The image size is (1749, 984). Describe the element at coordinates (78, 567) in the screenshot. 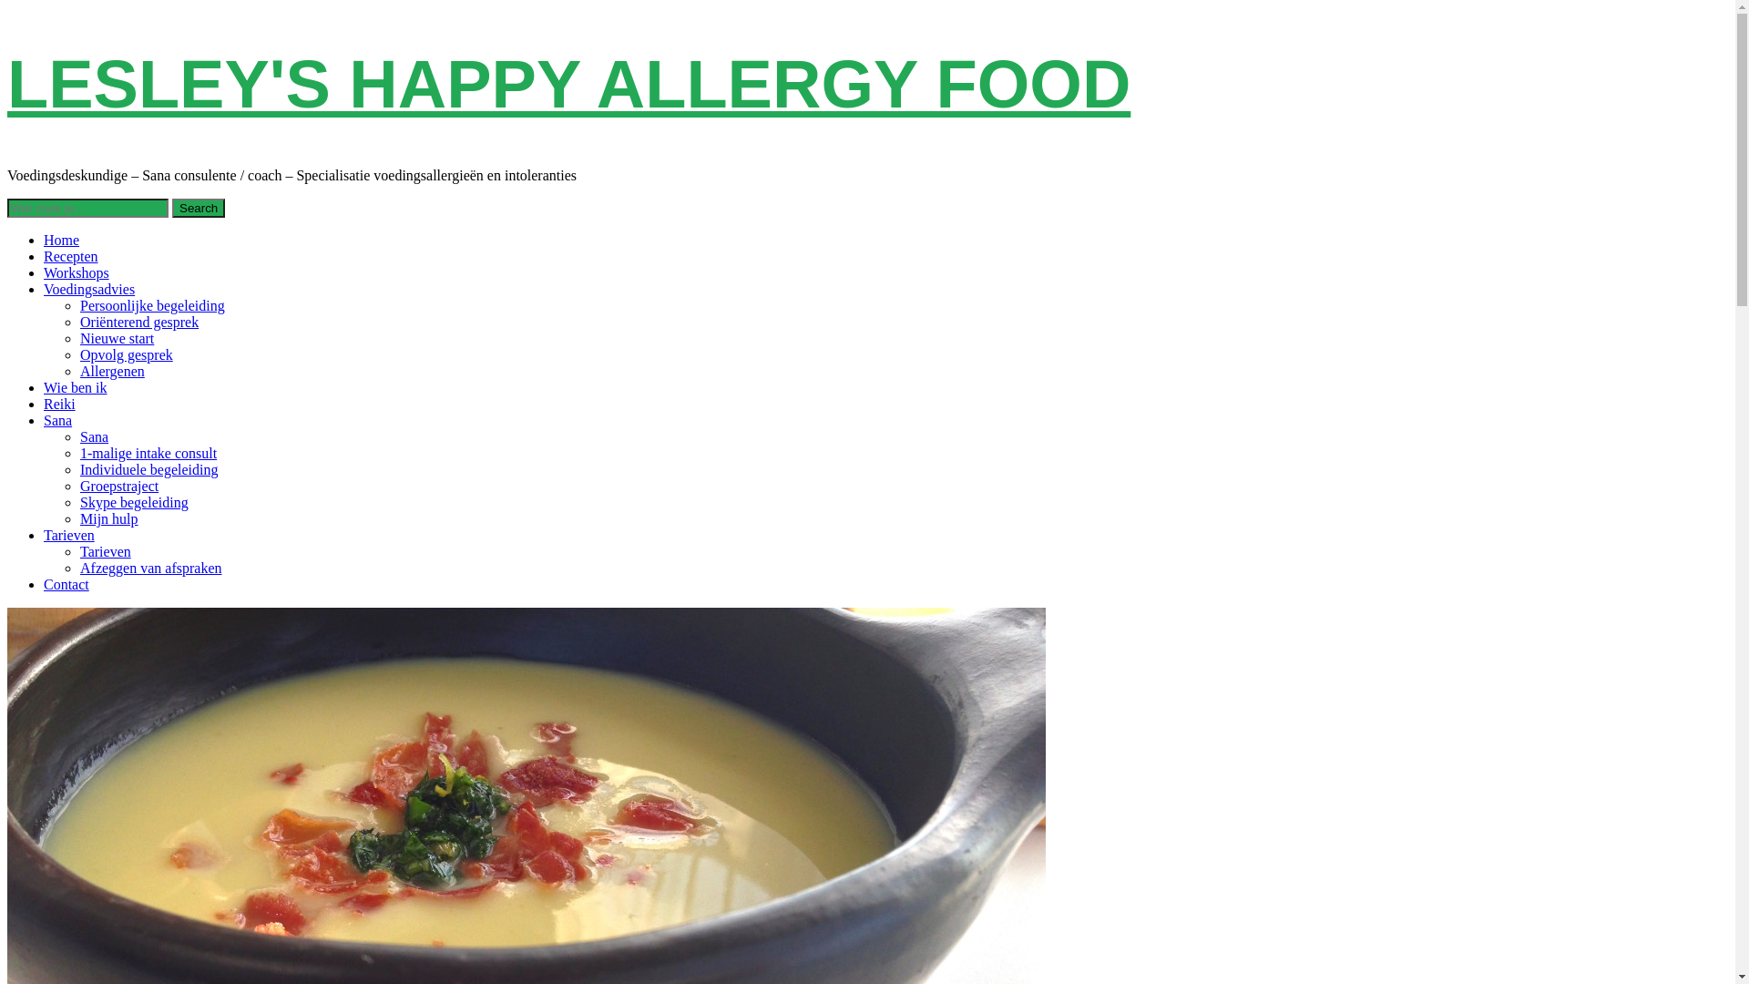

I see `'Afzeggen van afspraken'` at that location.